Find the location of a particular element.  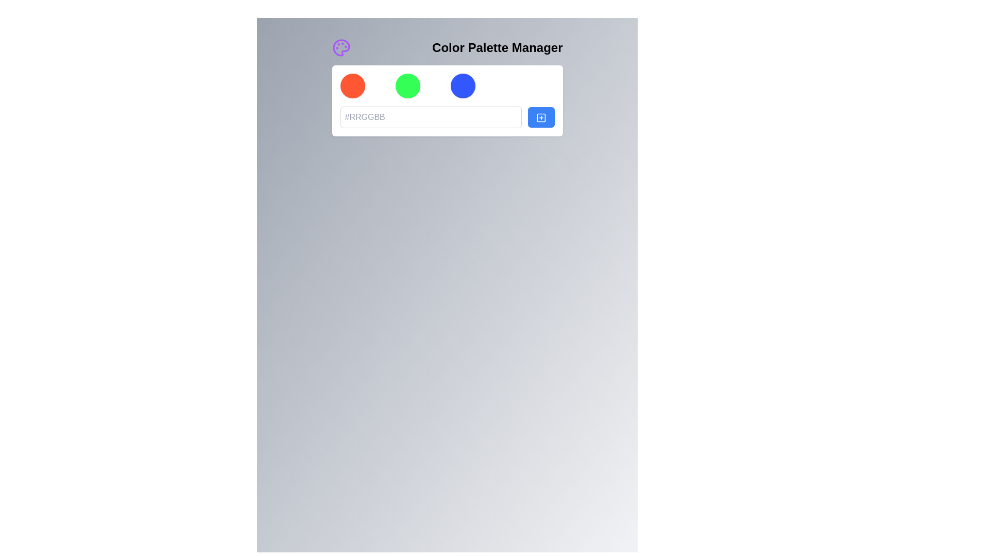

the '+' icon inside the rectangular blue button is located at coordinates (540, 117).